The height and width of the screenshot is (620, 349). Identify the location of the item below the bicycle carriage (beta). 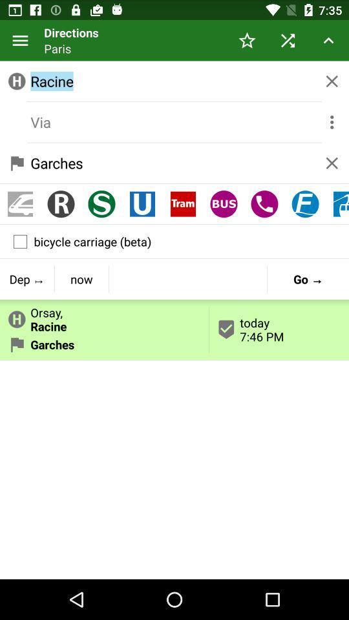
(27, 279).